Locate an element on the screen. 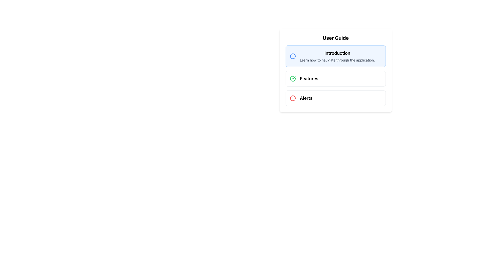  the 'Features' button, which is the second button in the 'User Guide' section, located below the 'Introduction' button and above the 'Alerts' button is located at coordinates (335, 79).